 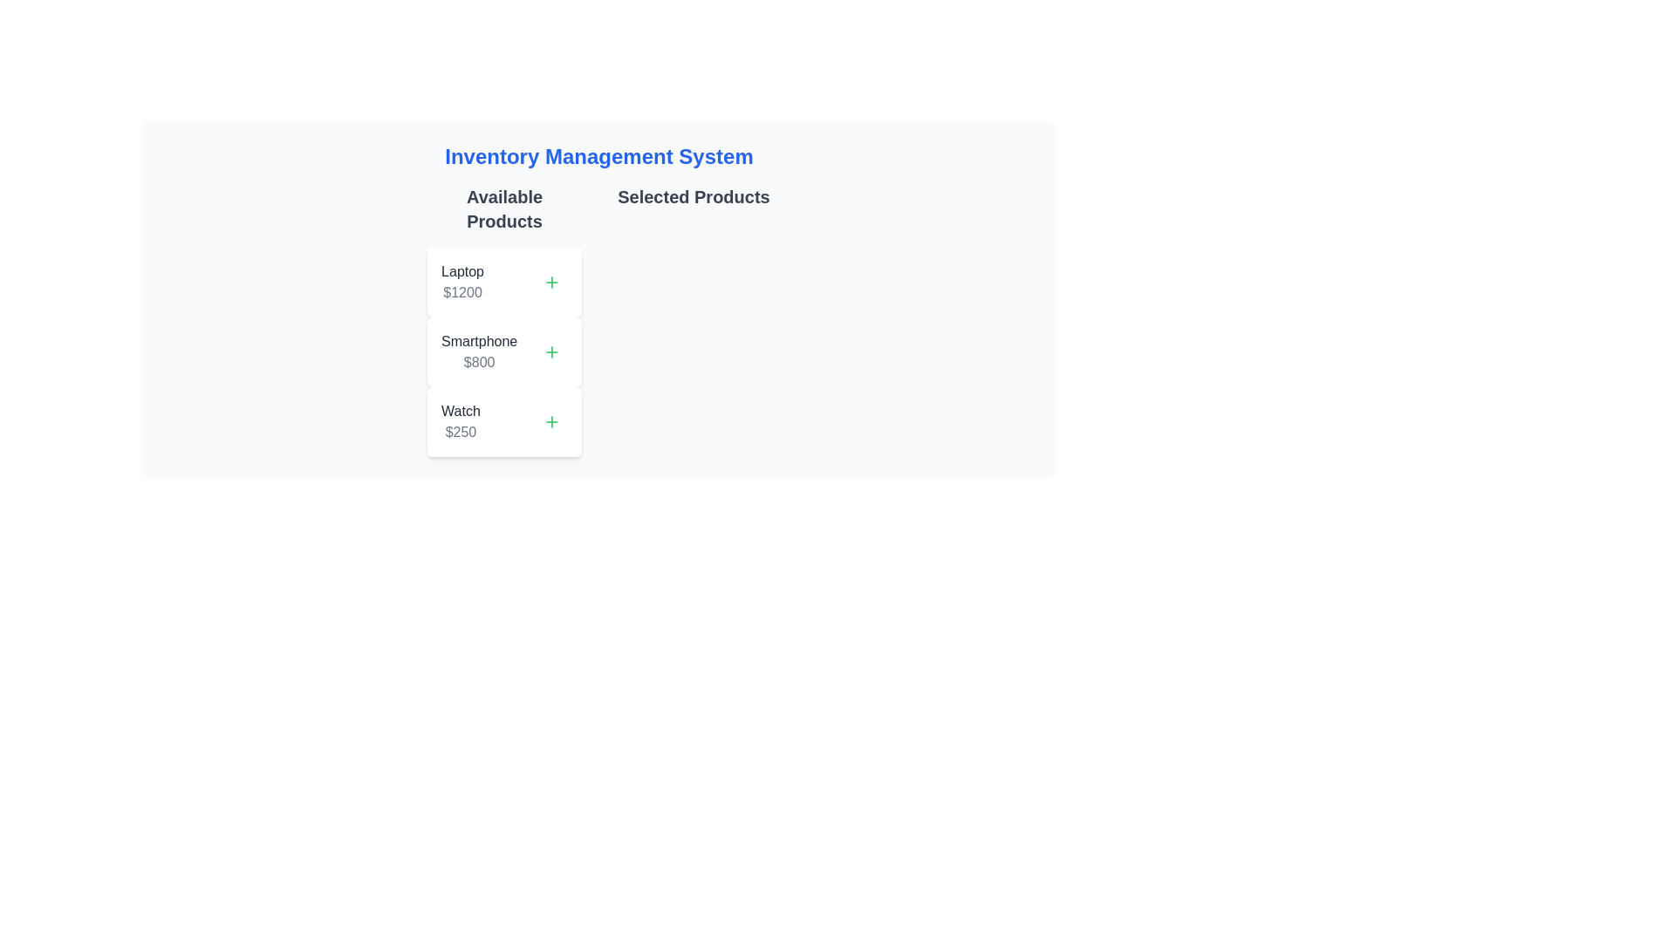 What do you see at coordinates (479, 362) in the screenshot?
I see `the text label displaying the price "$800" below the product title "Smartphone" in the Available Products list` at bounding box center [479, 362].